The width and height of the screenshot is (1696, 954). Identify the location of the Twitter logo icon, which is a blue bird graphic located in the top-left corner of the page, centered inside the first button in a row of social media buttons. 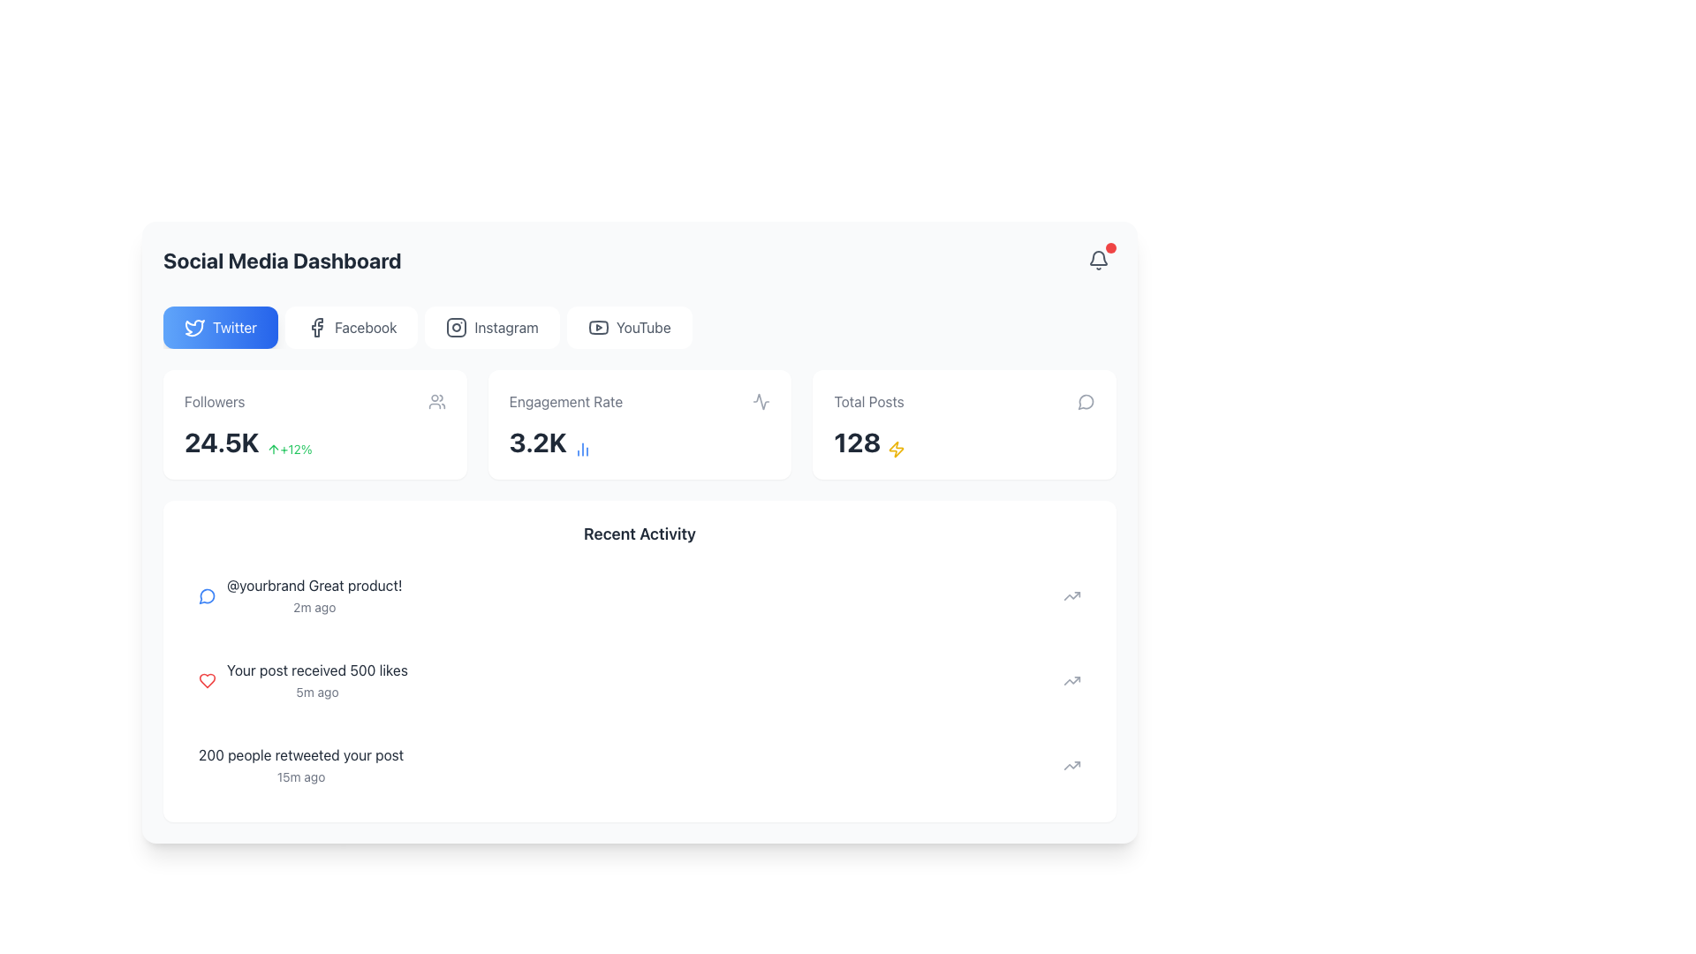
(194, 327).